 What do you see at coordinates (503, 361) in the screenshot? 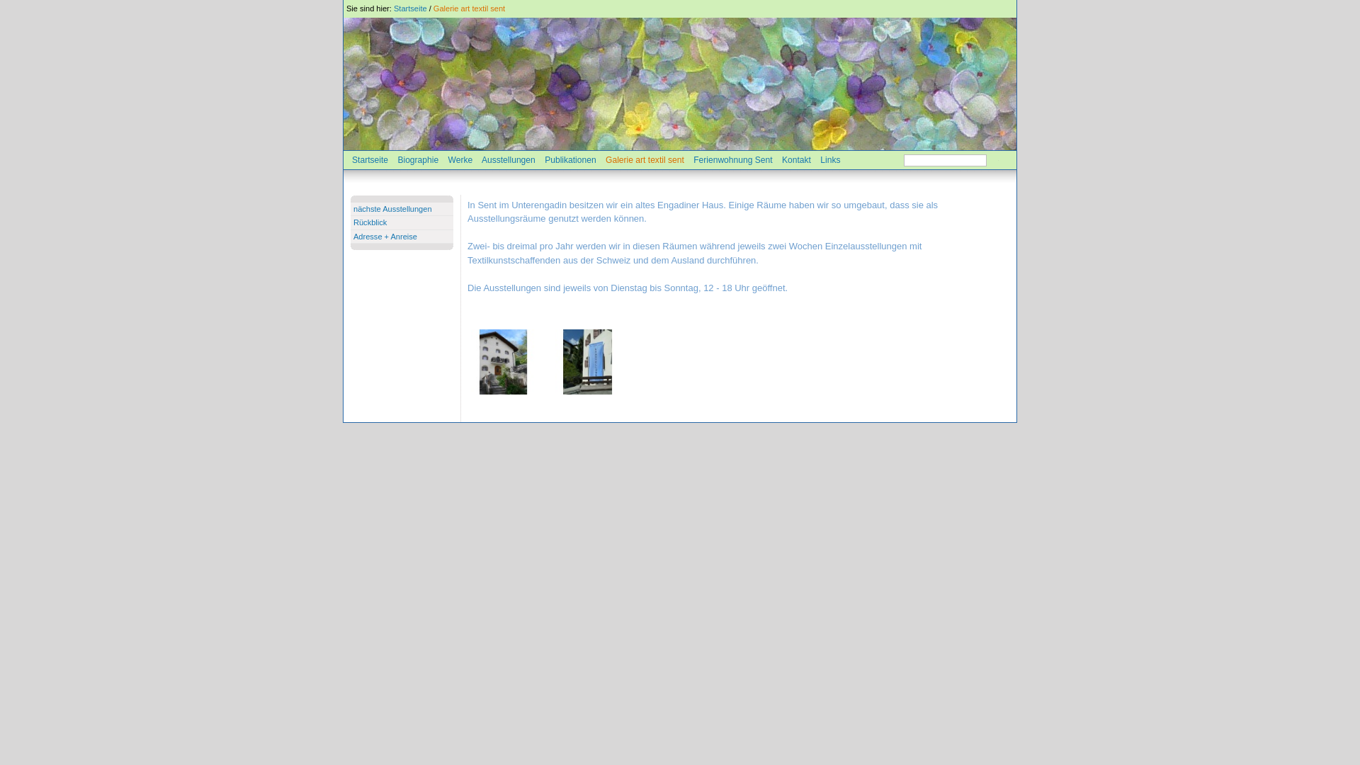
I see `'Chasa Triazza, Sent'` at bounding box center [503, 361].